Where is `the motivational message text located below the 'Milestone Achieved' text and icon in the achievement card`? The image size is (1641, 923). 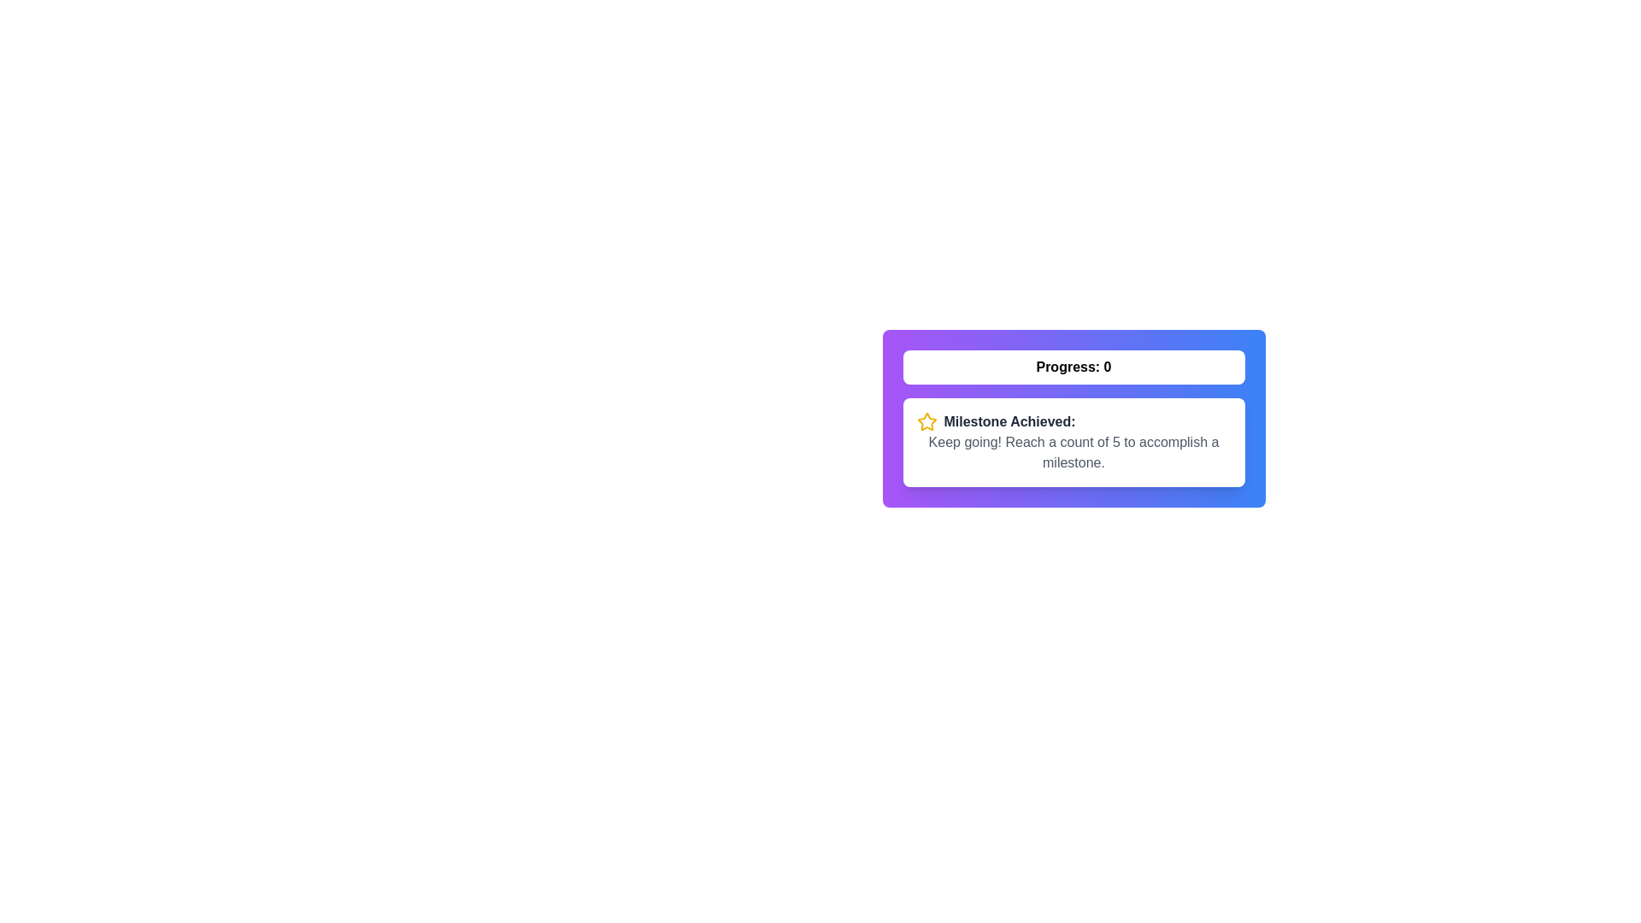
the motivational message text located below the 'Milestone Achieved' text and icon in the achievement card is located at coordinates (1073, 451).